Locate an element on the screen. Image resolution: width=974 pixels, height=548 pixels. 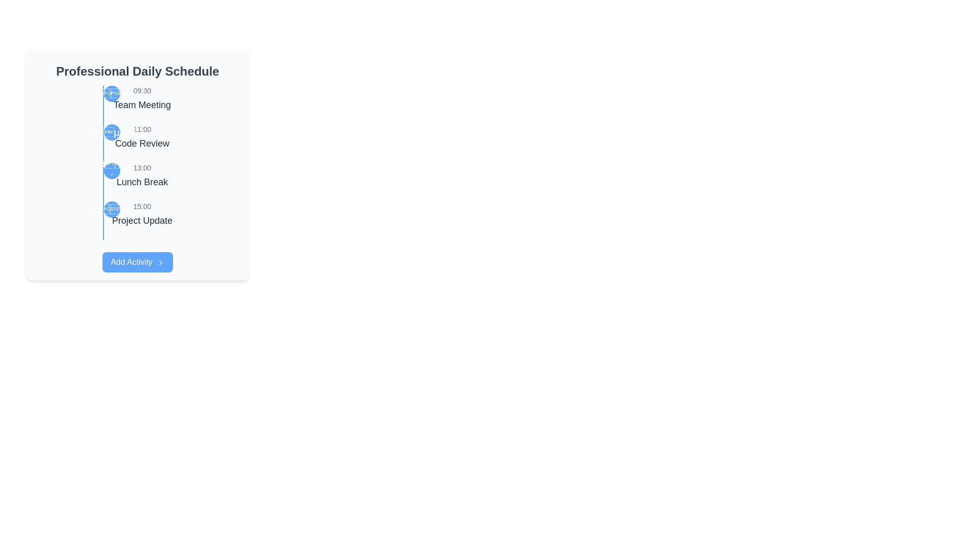
the 'Add Activity' button located at the bottom of the 'Professional Daily Schedule' panel to focus on it using keyboard navigation is located at coordinates (137, 261).